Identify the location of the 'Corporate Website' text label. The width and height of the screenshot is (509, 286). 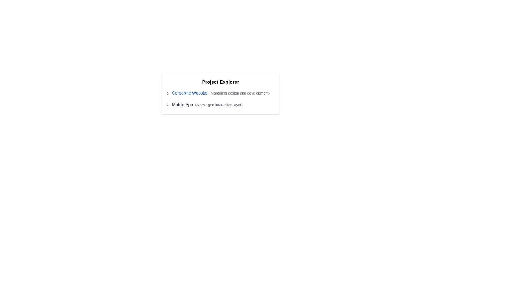
(190, 93).